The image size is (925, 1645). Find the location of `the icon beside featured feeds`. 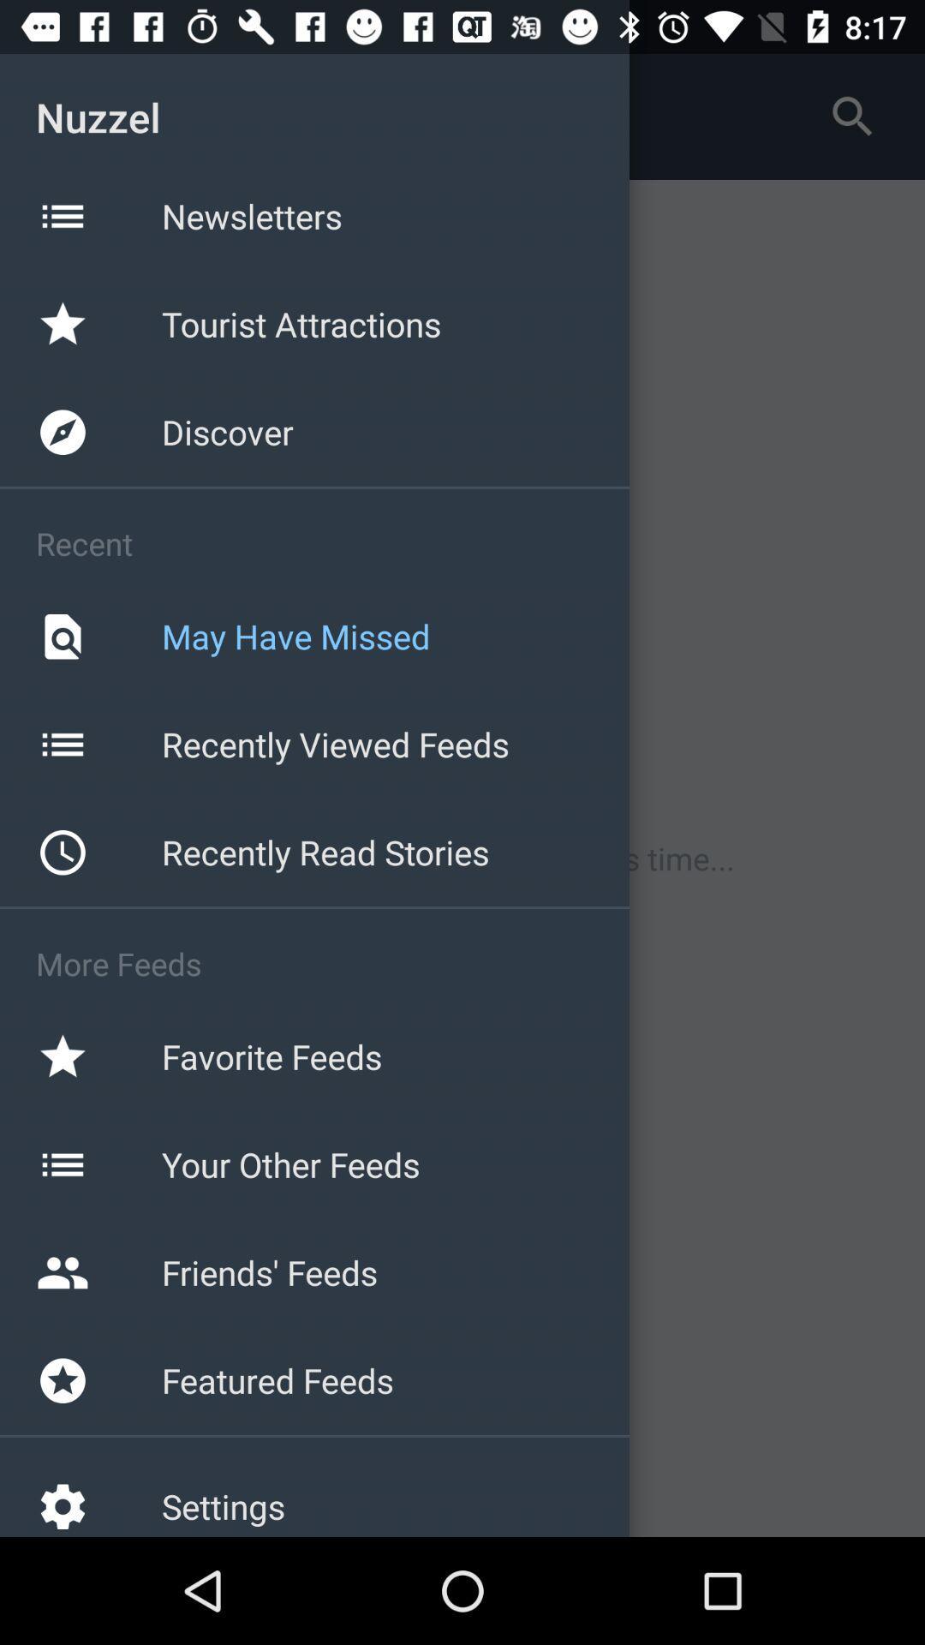

the icon beside featured feeds is located at coordinates (62, 1380).